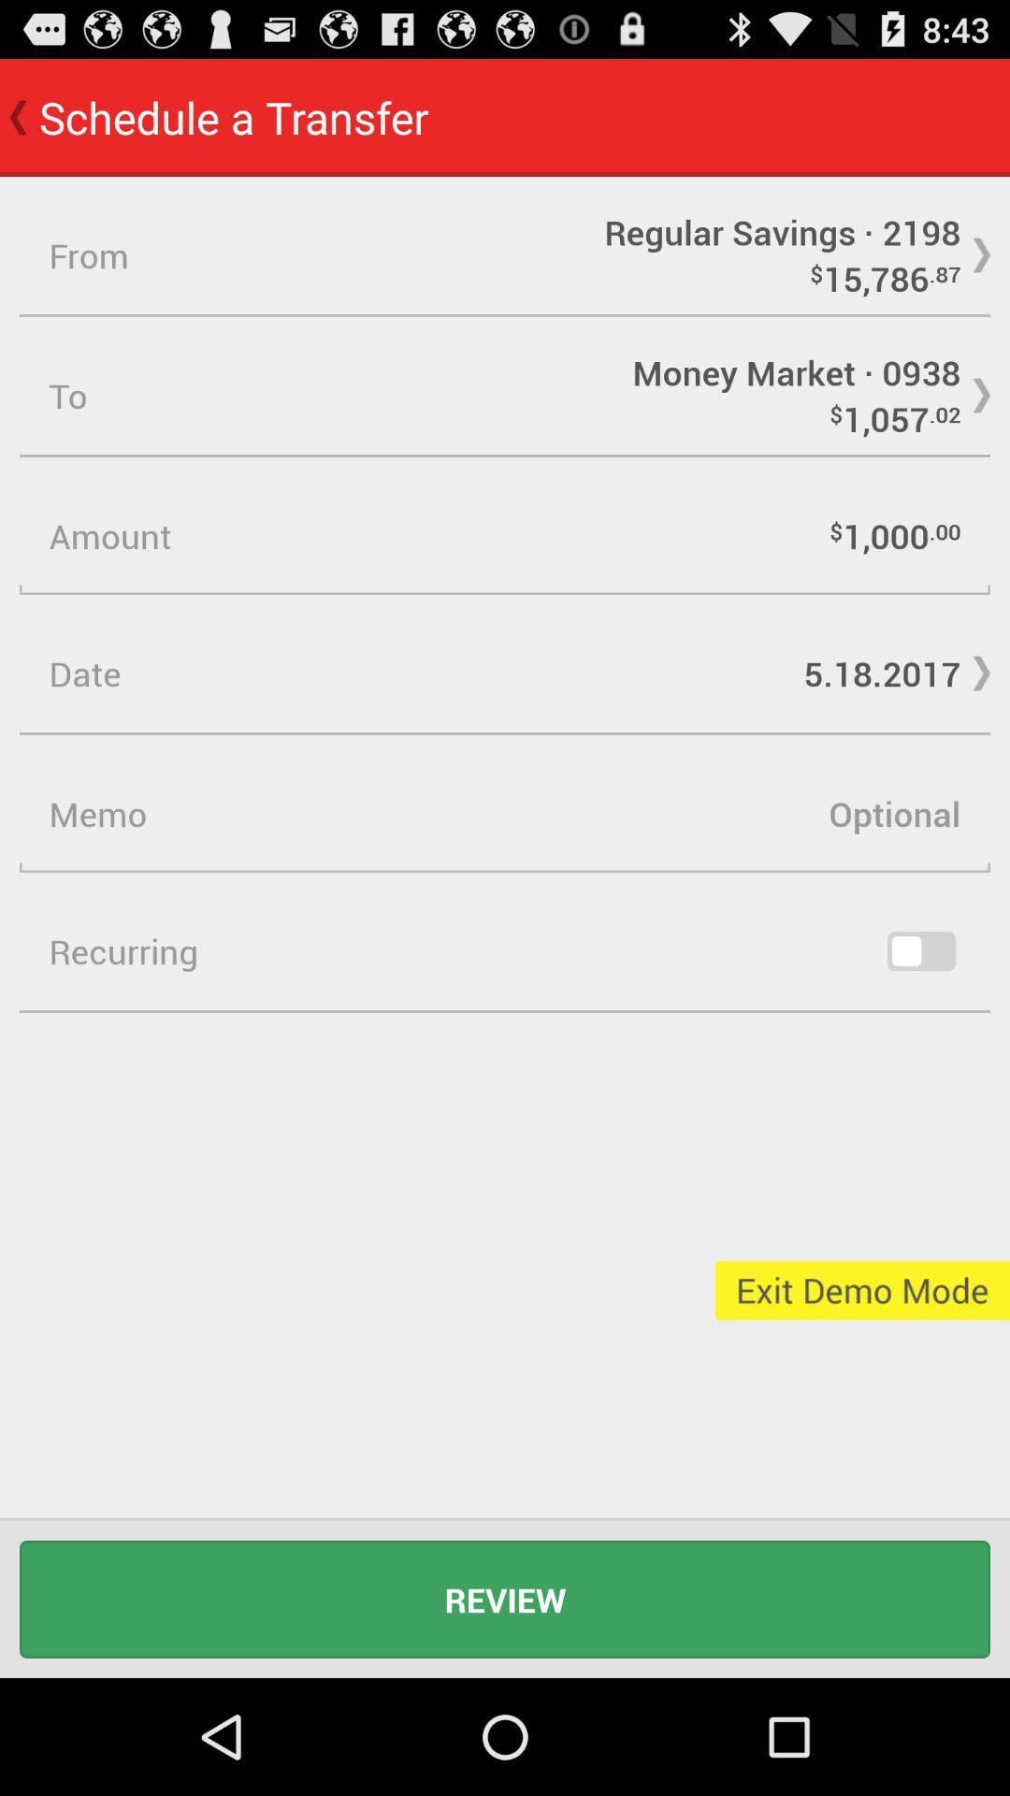 Image resolution: width=1010 pixels, height=1796 pixels. I want to click on active/deactive this option, so click(920, 951).